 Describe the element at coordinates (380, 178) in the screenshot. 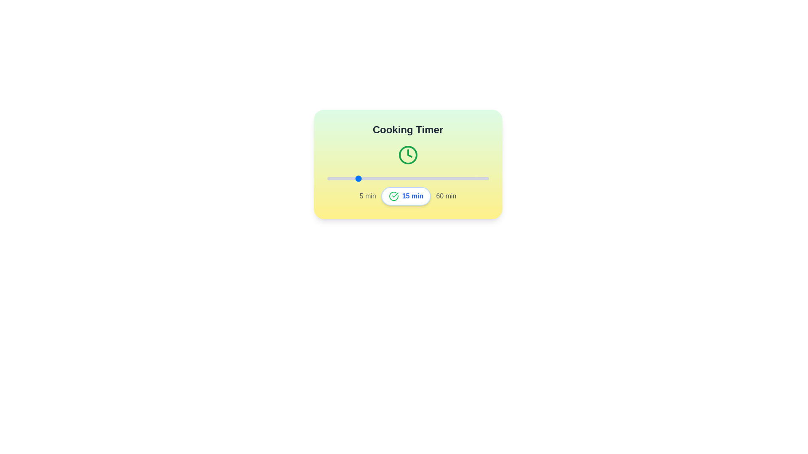

I see `cooking timer` at that location.